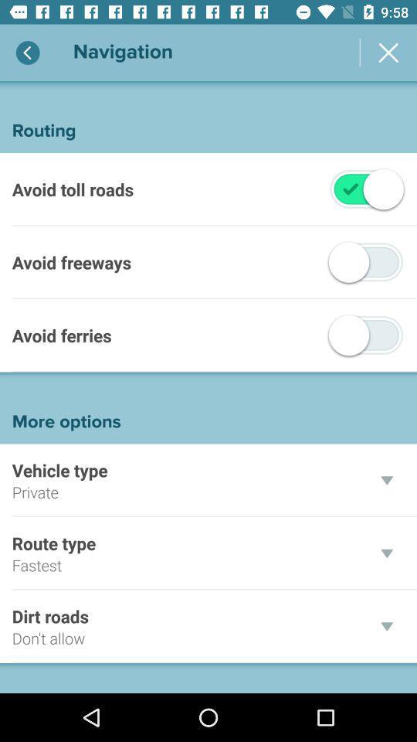 The image size is (417, 742). I want to click on the first toggle button, so click(350, 188).